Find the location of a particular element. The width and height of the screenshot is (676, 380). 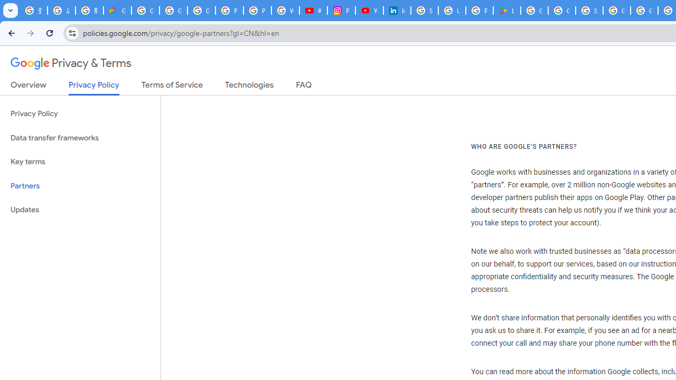

'Last Shelter: Survival - Apps on Google Play' is located at coordinates (507, 11).